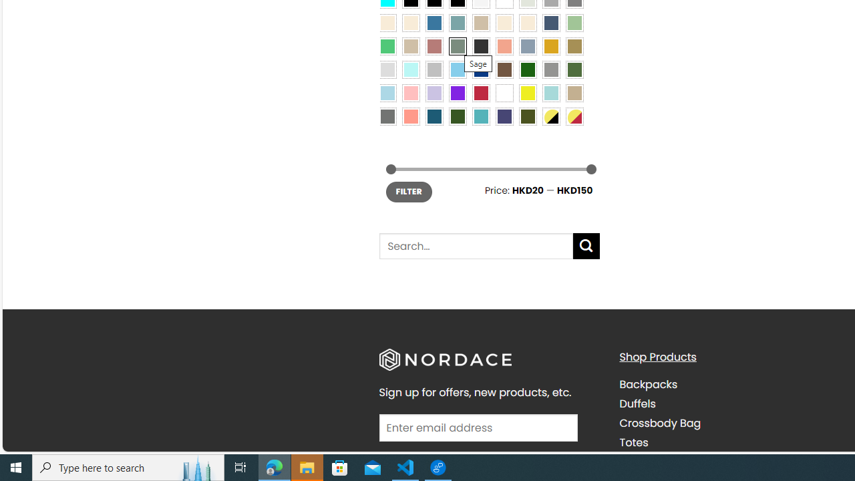 The height and width of the screenshot is (481, 855). I want to click on 'Light Green', so click(574, 22).